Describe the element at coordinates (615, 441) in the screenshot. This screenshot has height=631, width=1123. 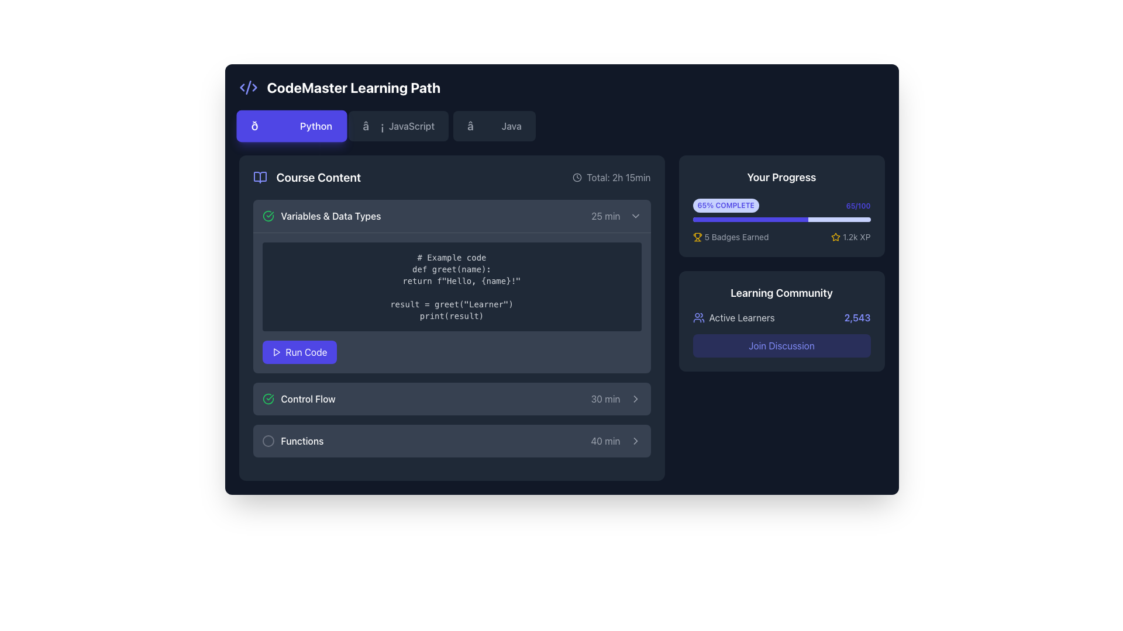
I see `the right-pointing chevron icon in the Combined text display and icon component labeled '40 min'` at that location.